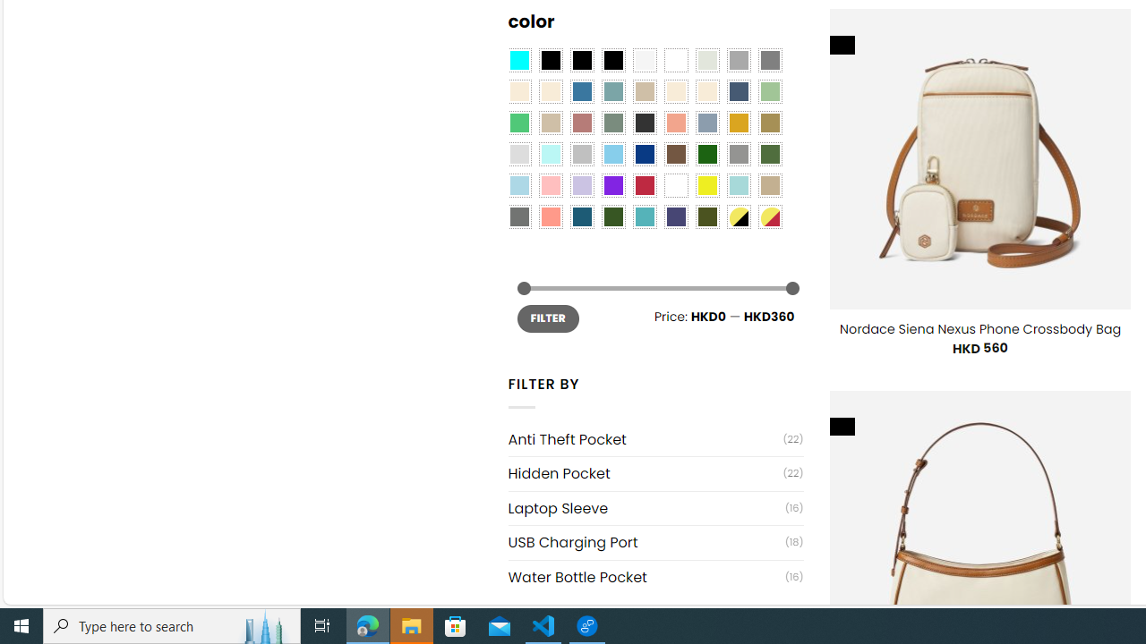  Describe the element at coordinates (645, 216) in the screenshot. I see `'Teal'` at that location.